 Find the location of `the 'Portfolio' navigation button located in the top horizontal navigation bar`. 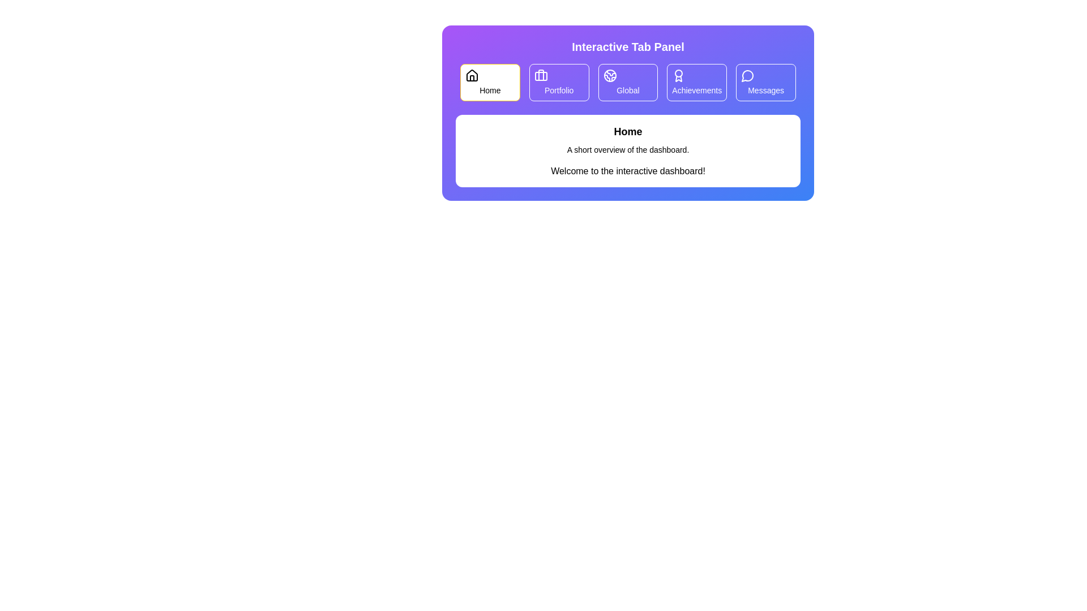

the 'Portfolio' navigation button located in the top horizontal navigation bar is located at coordinates (559, 82).